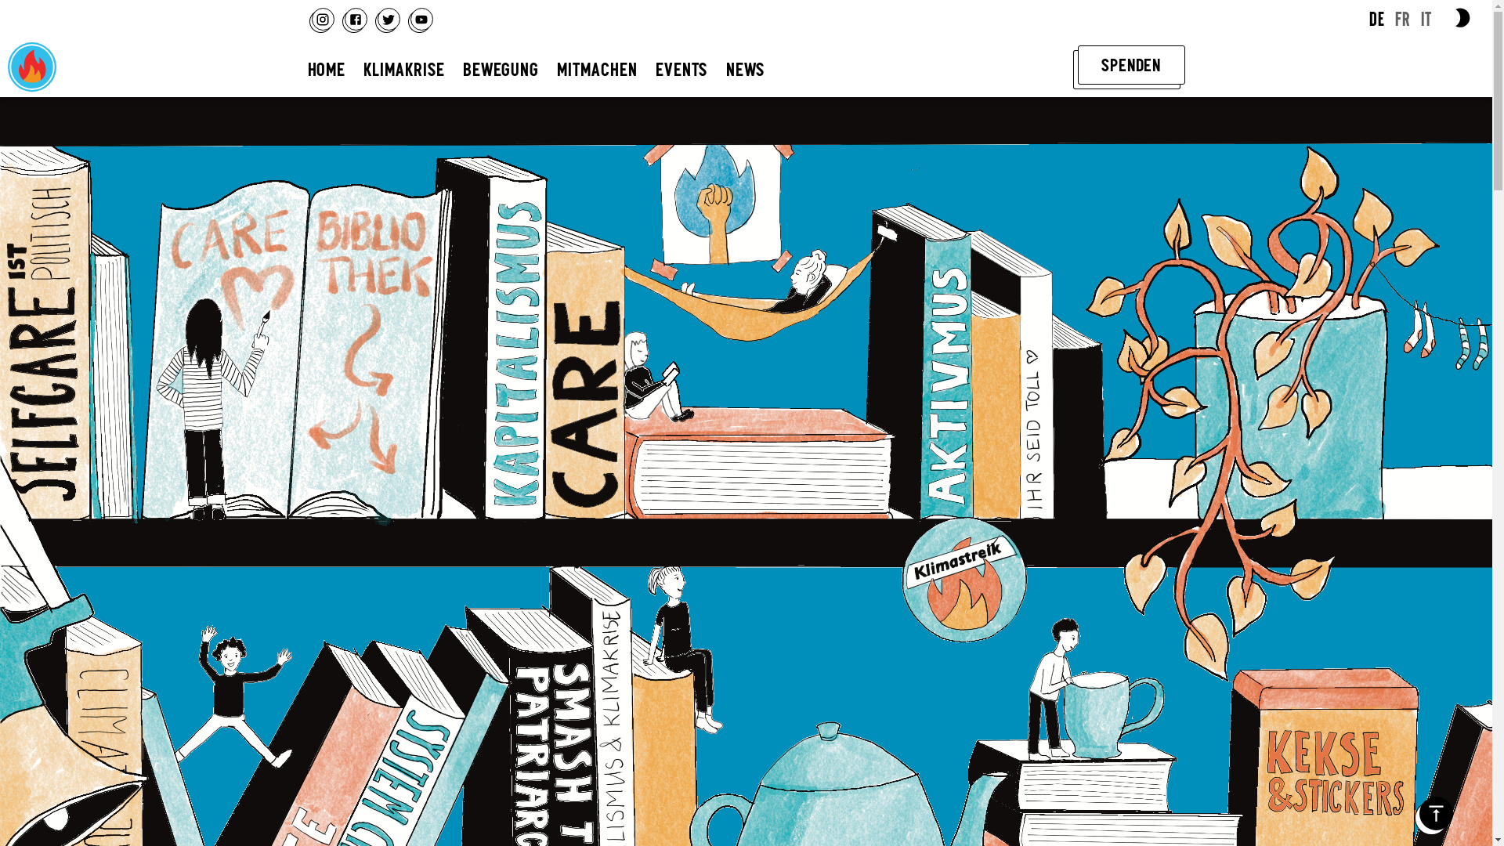  I want to click on 'DE', so click(1376, 19).